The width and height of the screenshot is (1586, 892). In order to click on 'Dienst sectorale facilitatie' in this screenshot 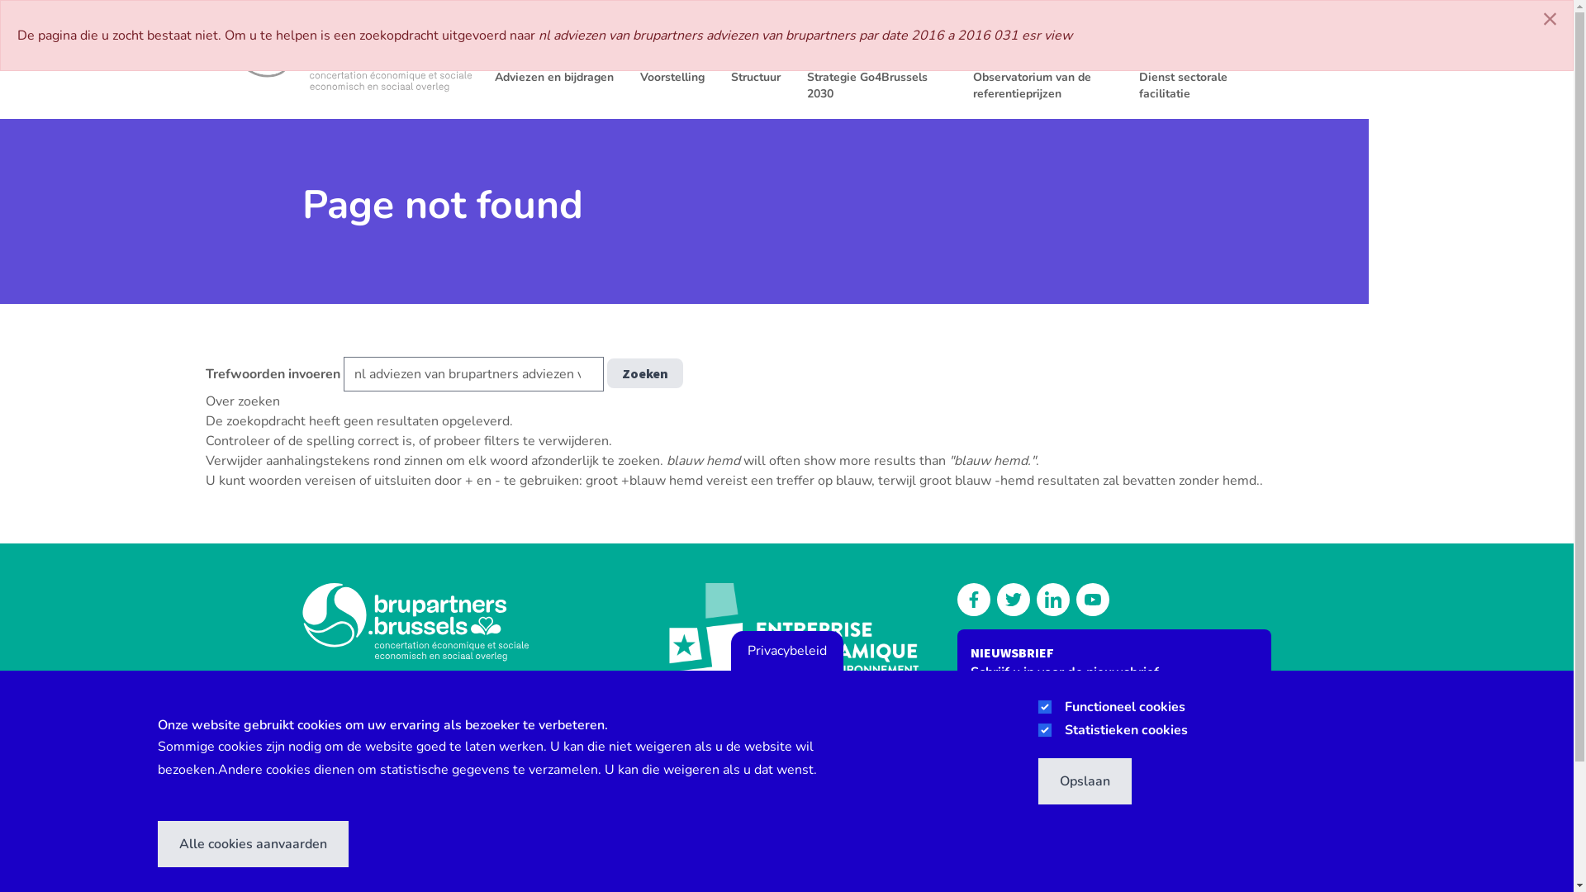, I will do `click(1208, 83)`.